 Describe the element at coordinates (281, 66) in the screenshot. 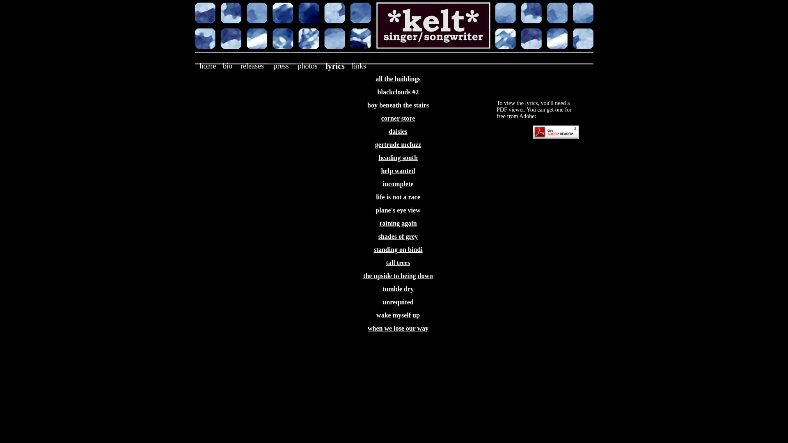

I see `'press'` at that location.